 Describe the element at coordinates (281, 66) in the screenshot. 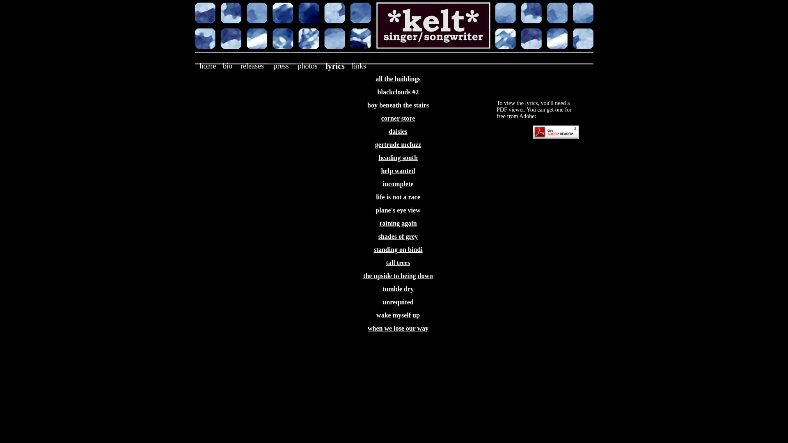

I see `'press'` at that location.